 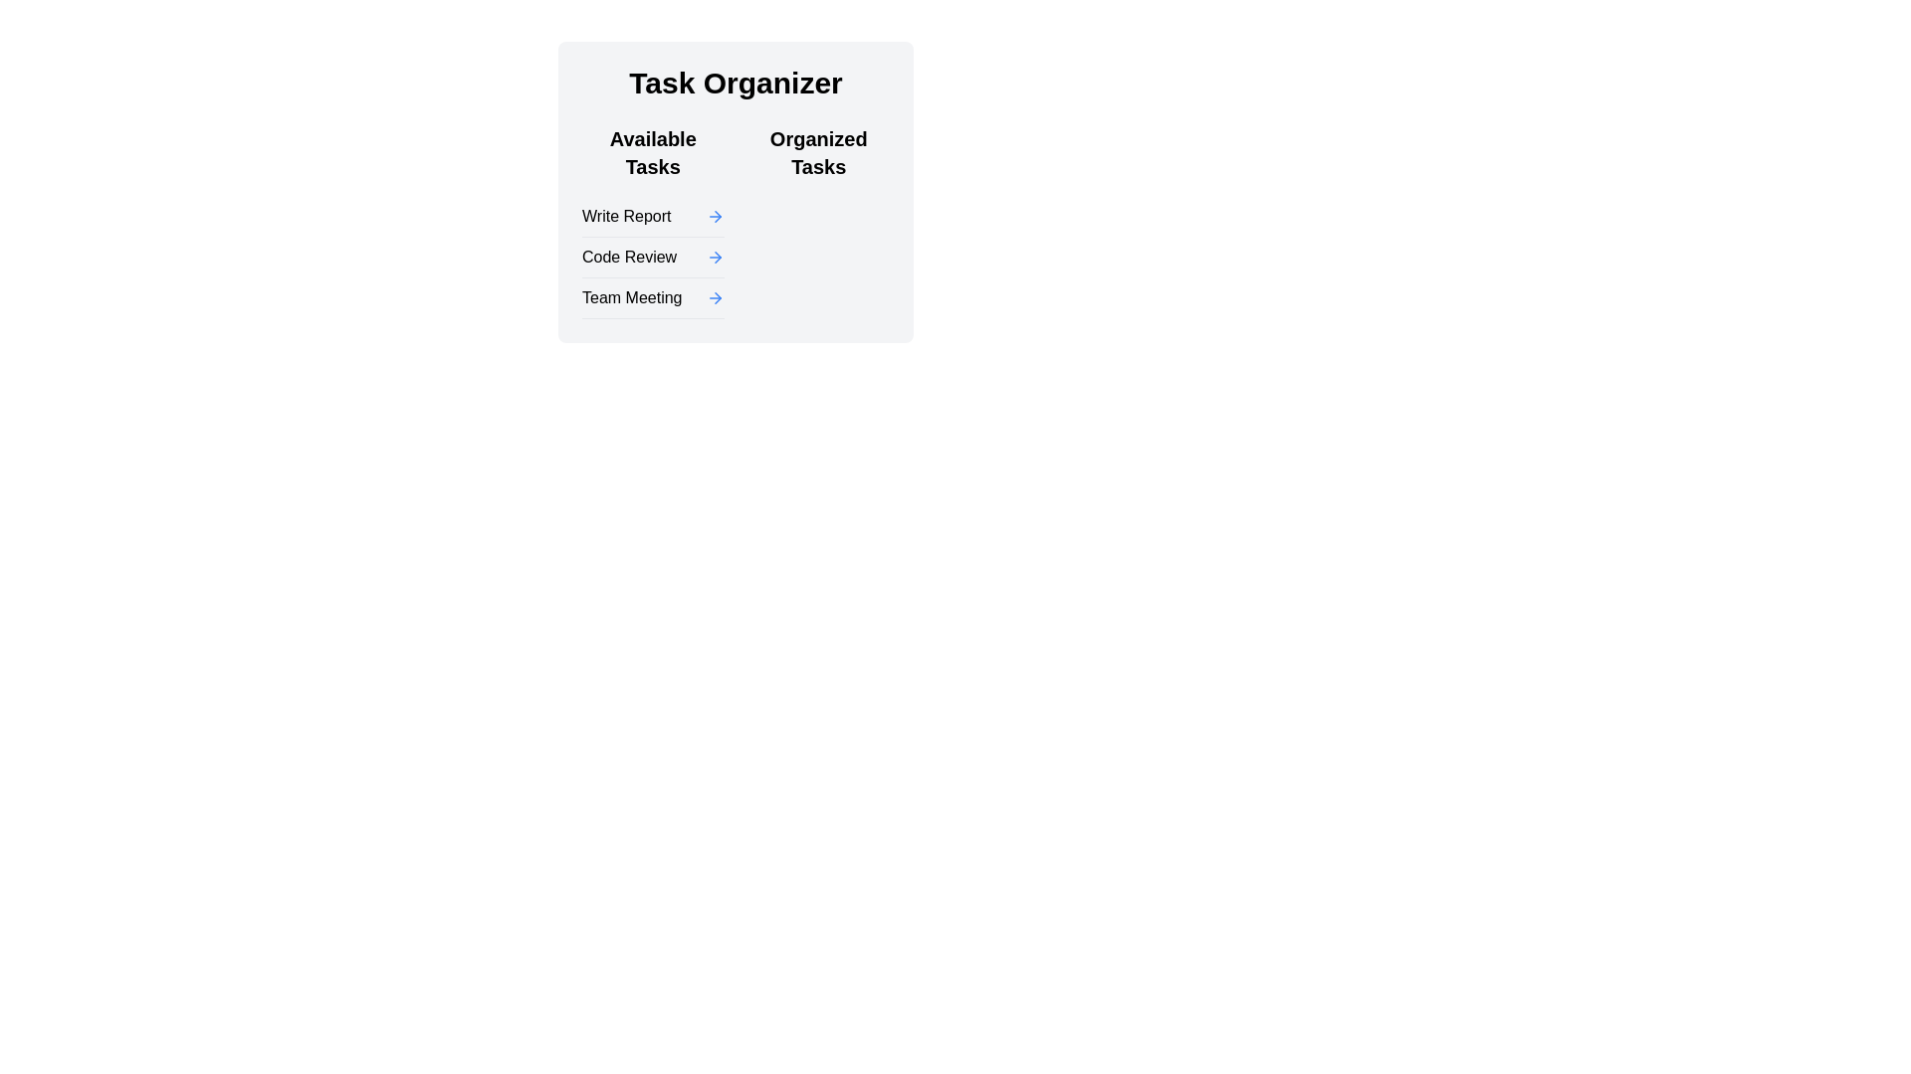 I want to click on the selectable task list item named 'Code Review' in the second row of the 'Available Tasks' list within the 'Task Organizer' panel, so click(x=653, y=257).